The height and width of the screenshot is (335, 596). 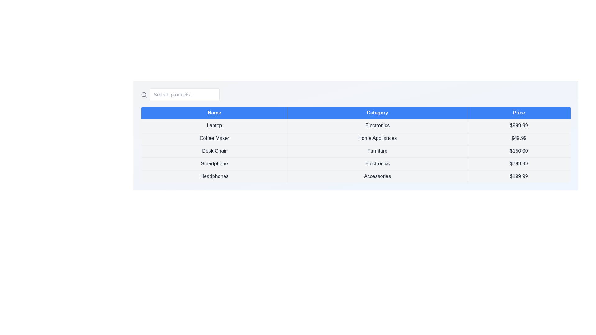 What do you see at coordinates (356, 176) in the screenshot?
I see `the last row of the table representing 'Headphones', which is categorized as 'Accessories' with a price of '$199.99'` at bounding box center [356, 176].